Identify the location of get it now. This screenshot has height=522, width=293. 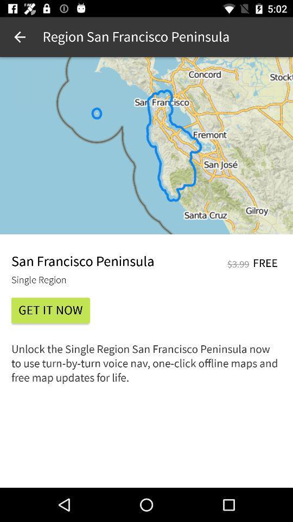
(50, 310).